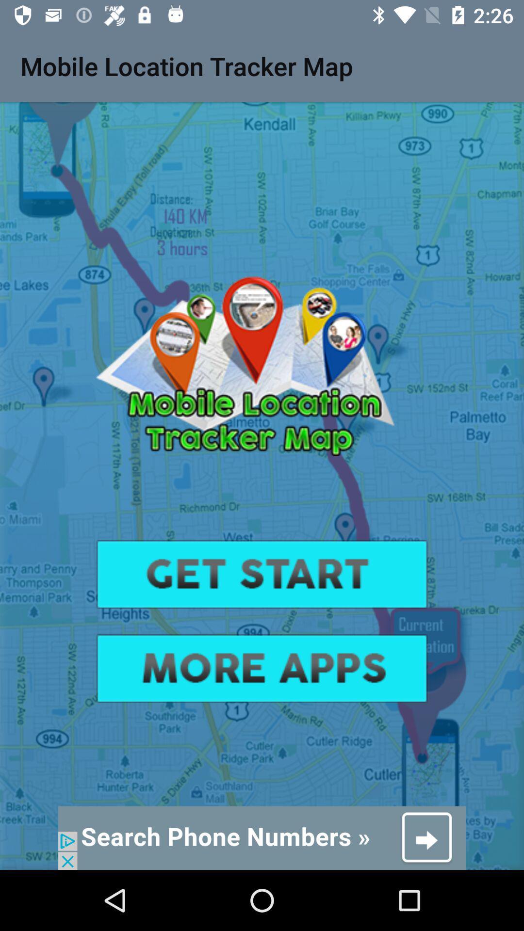 This screenshot has height=931, width=524. I want to click on adventisment page, so click(262, 837).